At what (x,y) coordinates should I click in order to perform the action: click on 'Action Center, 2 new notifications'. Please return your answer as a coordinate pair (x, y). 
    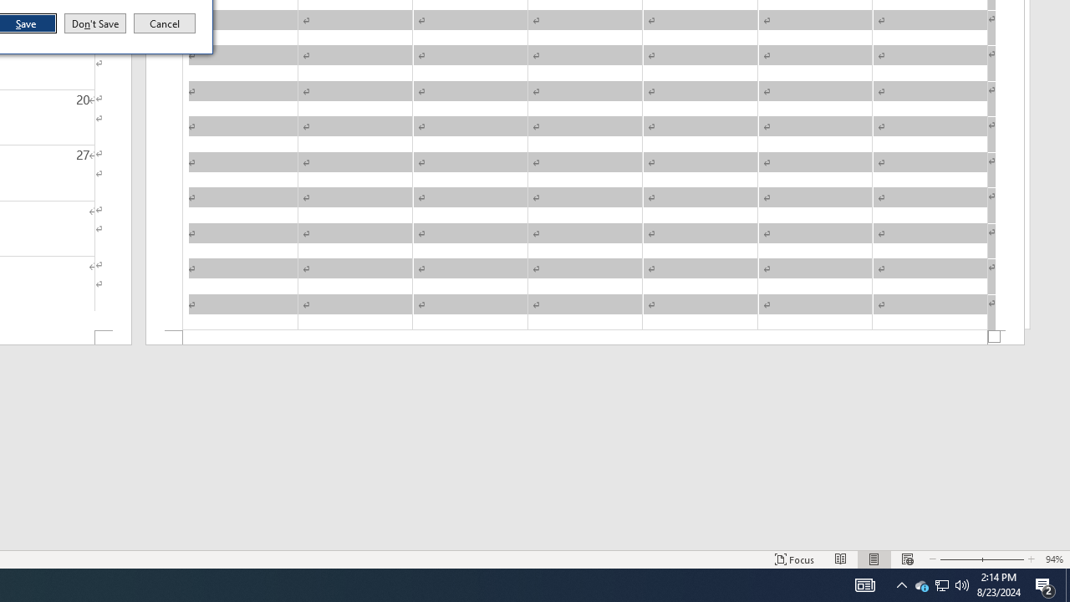
    Looking at the image, I should click on (1045, 584).